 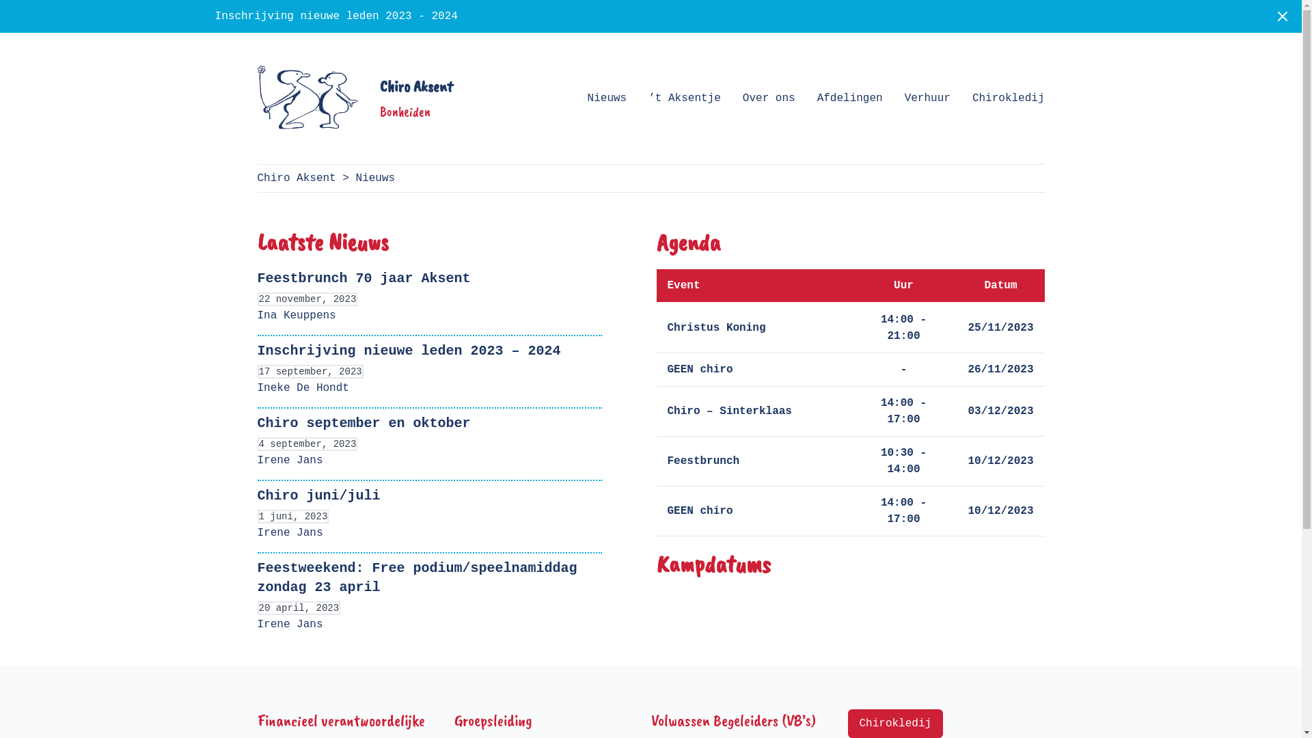 I want to click on 'Inschrijving nieuwe leden 2023 - 2024', so click(x=336, y=16).